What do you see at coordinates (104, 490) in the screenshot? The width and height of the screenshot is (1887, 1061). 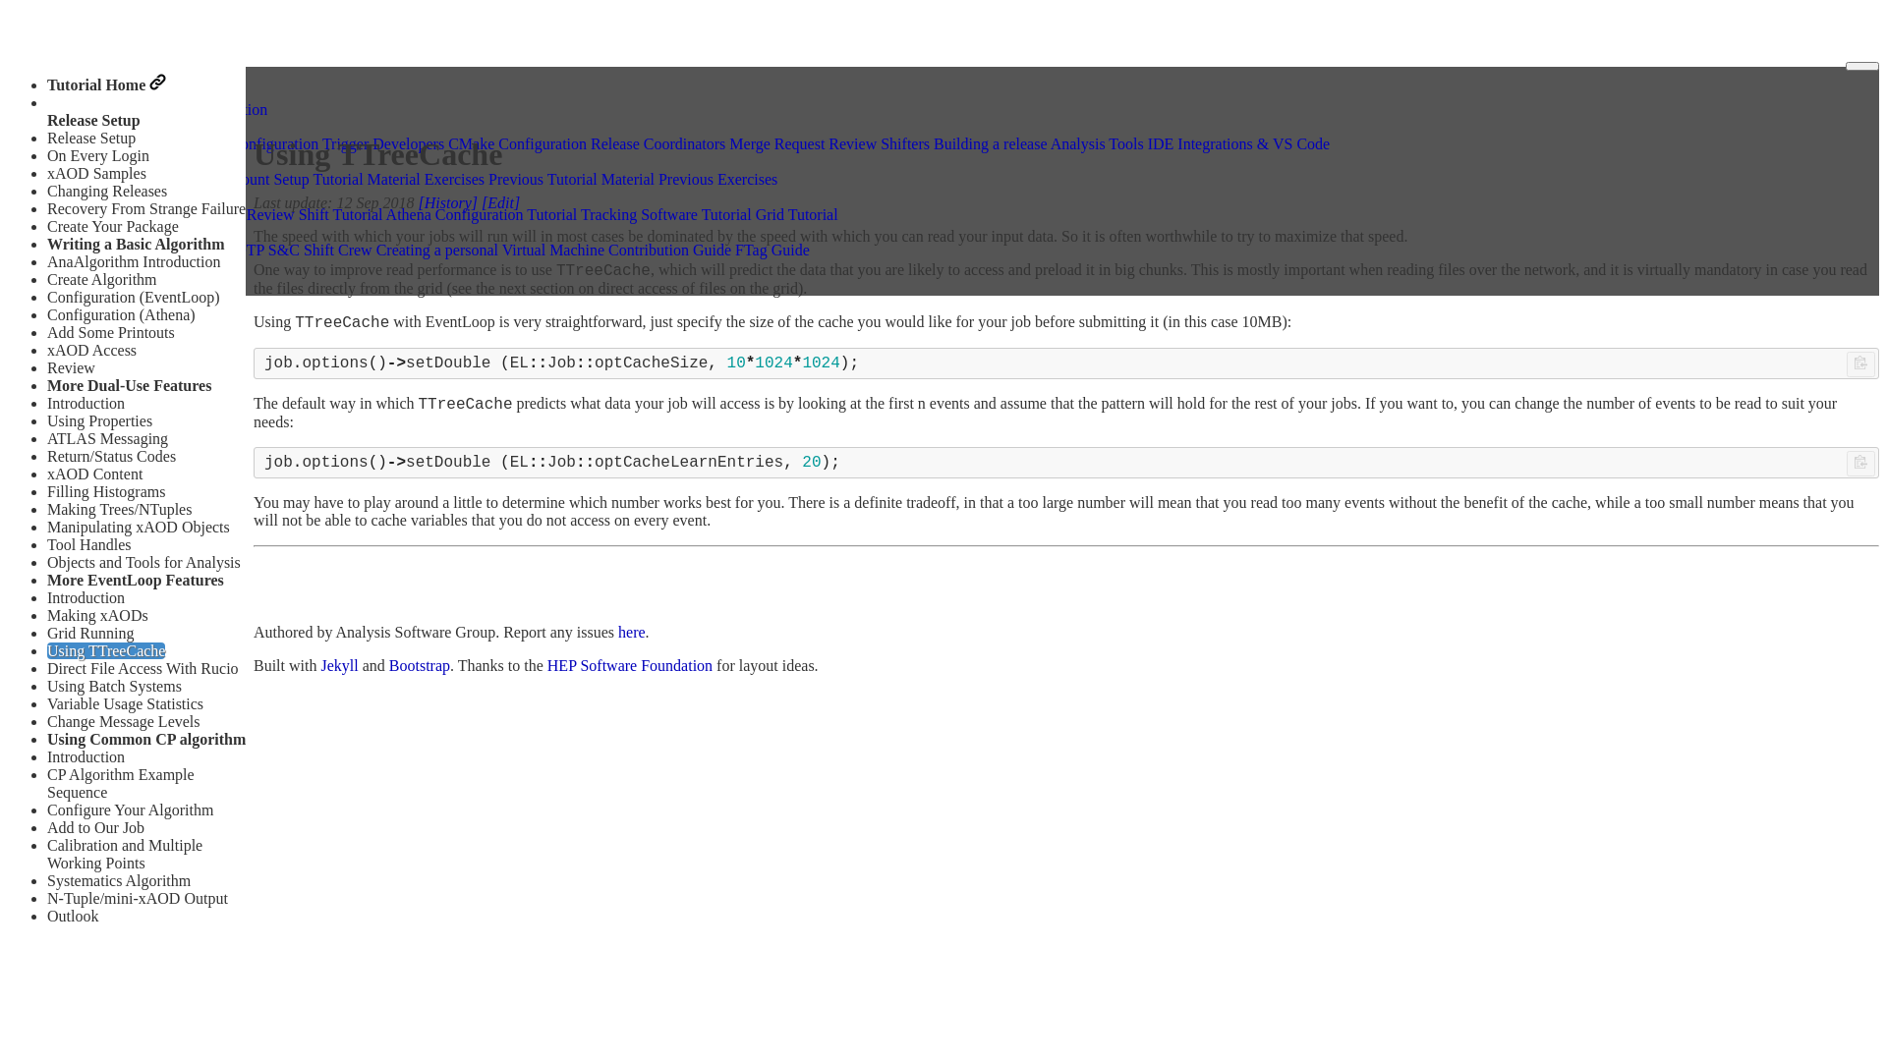 I see `'Filling Histograms'` at bounding box center [104, 490].